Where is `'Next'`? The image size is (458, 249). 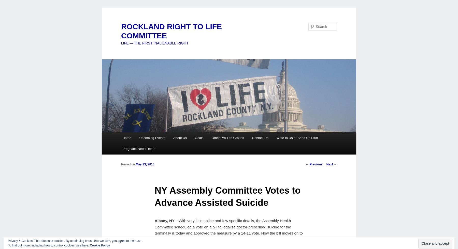
'Next' is located at coordinates (330, 164).